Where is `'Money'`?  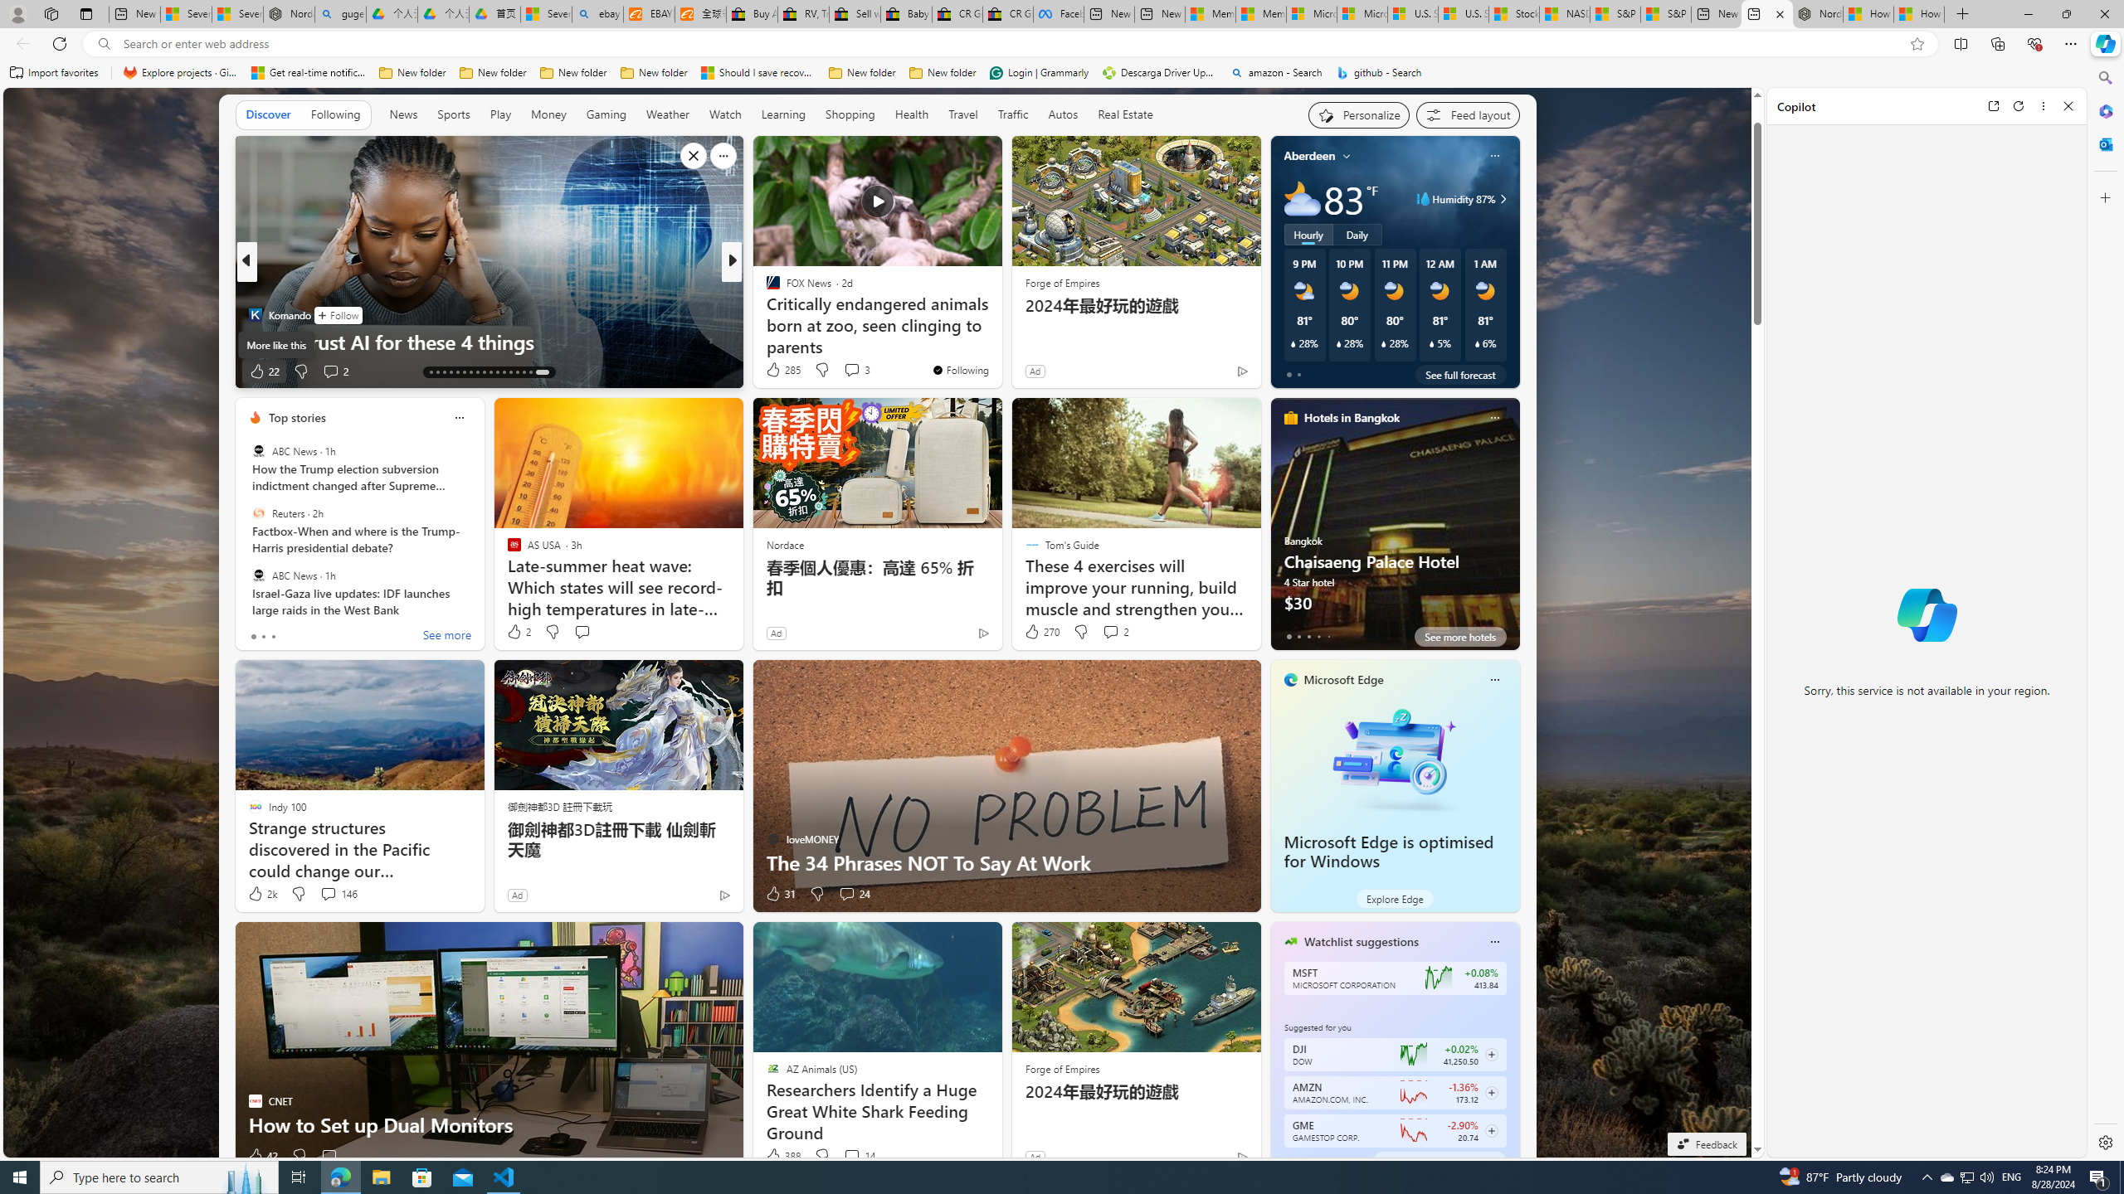 'Money' is located at coordinates (548, 114).